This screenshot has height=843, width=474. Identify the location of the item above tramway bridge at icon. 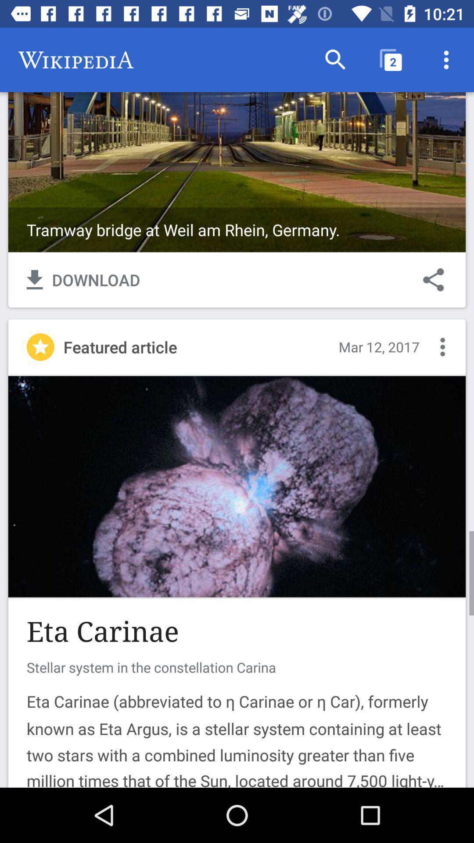
(391, 59).